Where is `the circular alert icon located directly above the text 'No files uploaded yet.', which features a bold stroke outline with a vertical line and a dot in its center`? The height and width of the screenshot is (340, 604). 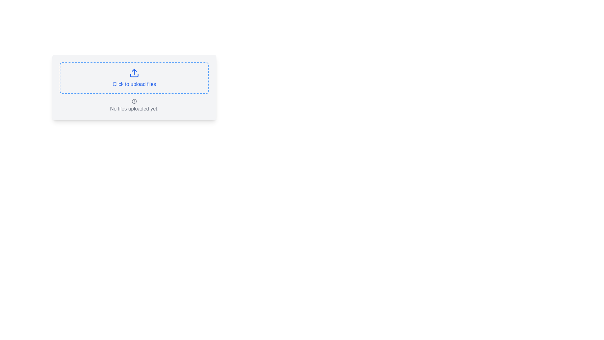 the circular alert icon located directly above the text 'No files uploaded yet.', which features a bold stroke outline with a vertical line and a dot in its center is located at coordinates (134, 101).